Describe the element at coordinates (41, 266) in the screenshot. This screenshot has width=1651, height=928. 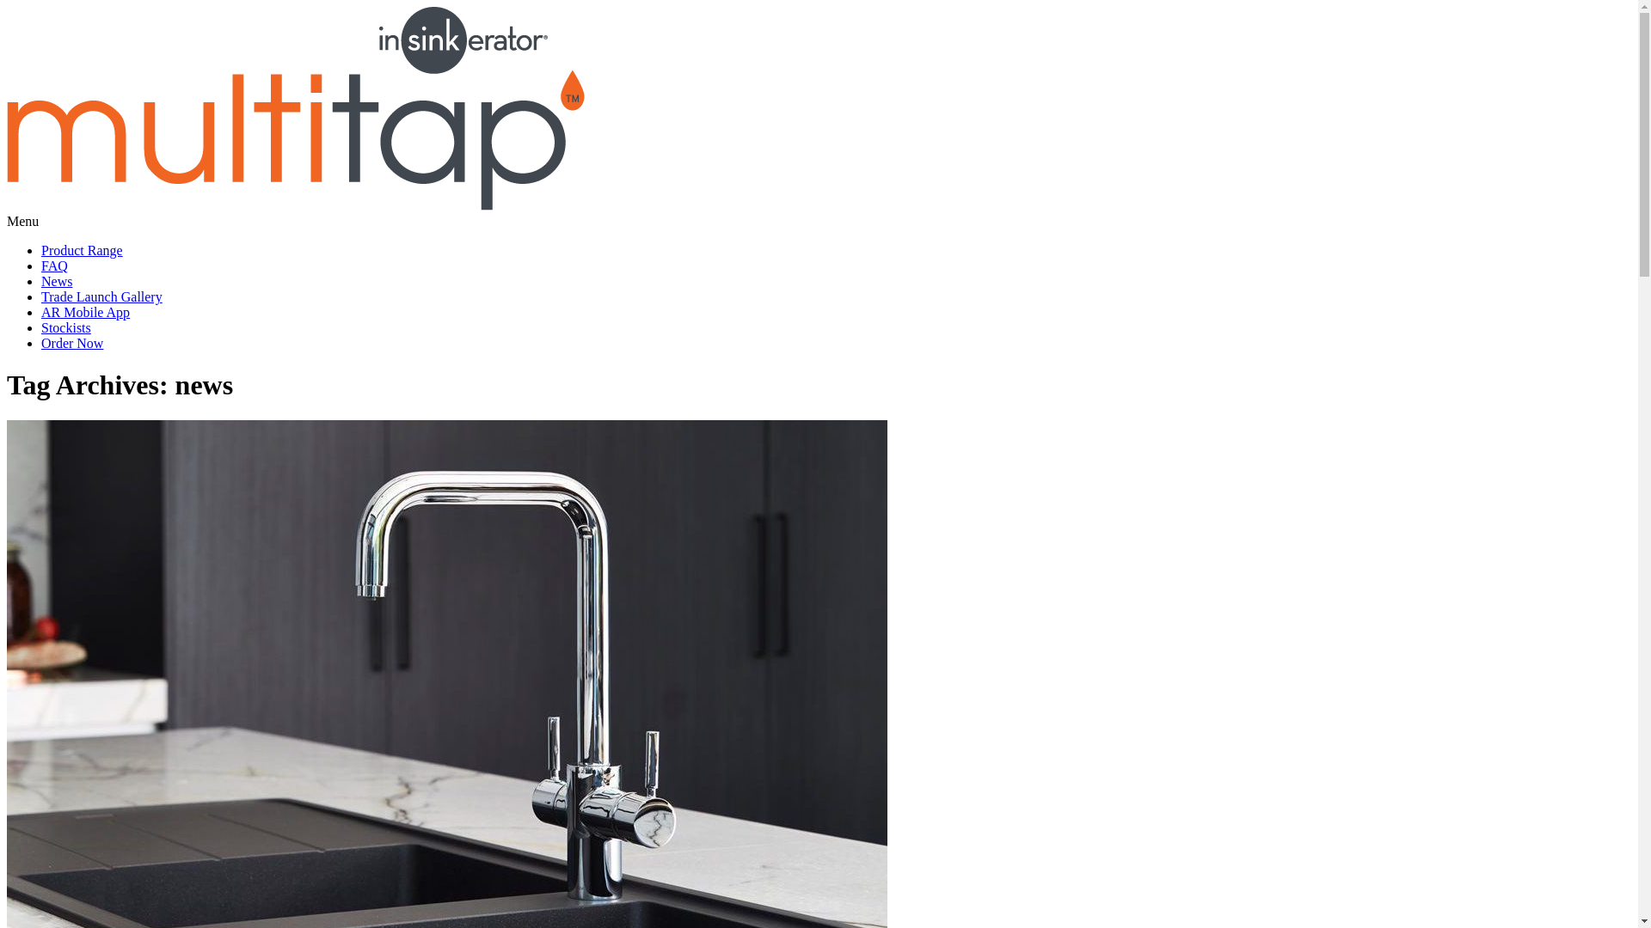
I see `'FAQ'` at that location.